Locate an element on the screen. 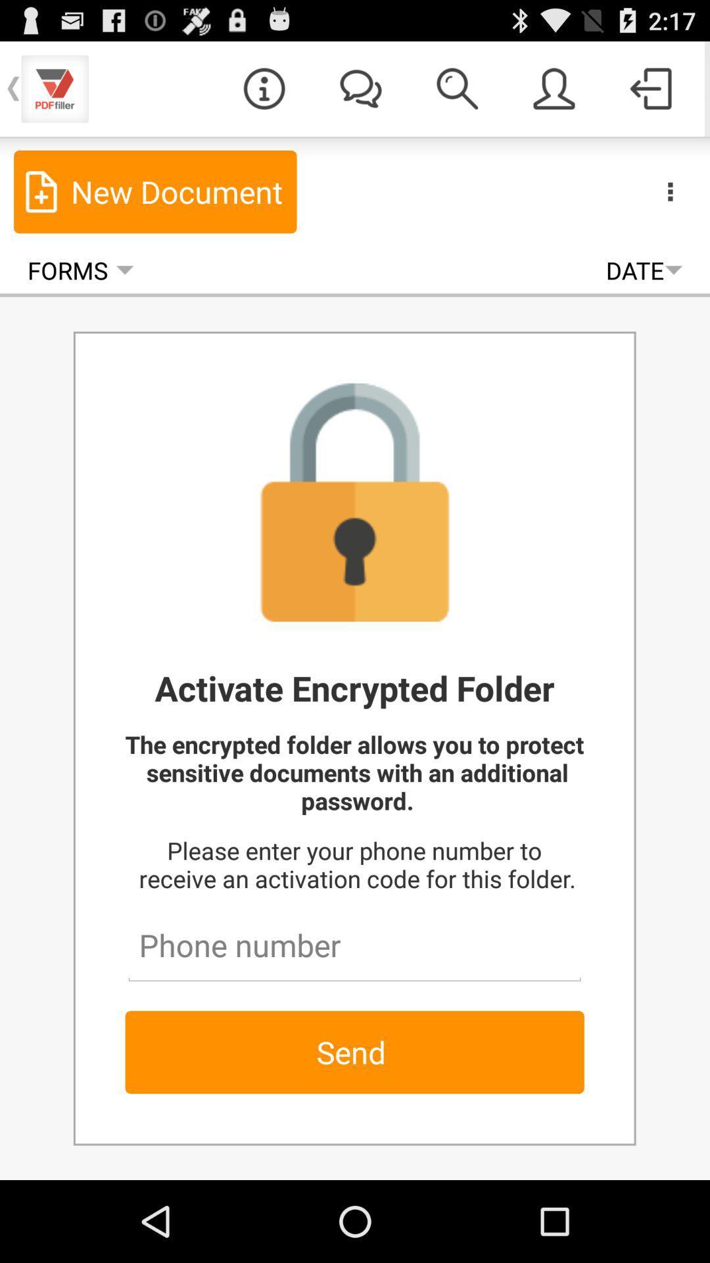  the checkbox to the right of the forms	 item is located at coordinates (643, 270).